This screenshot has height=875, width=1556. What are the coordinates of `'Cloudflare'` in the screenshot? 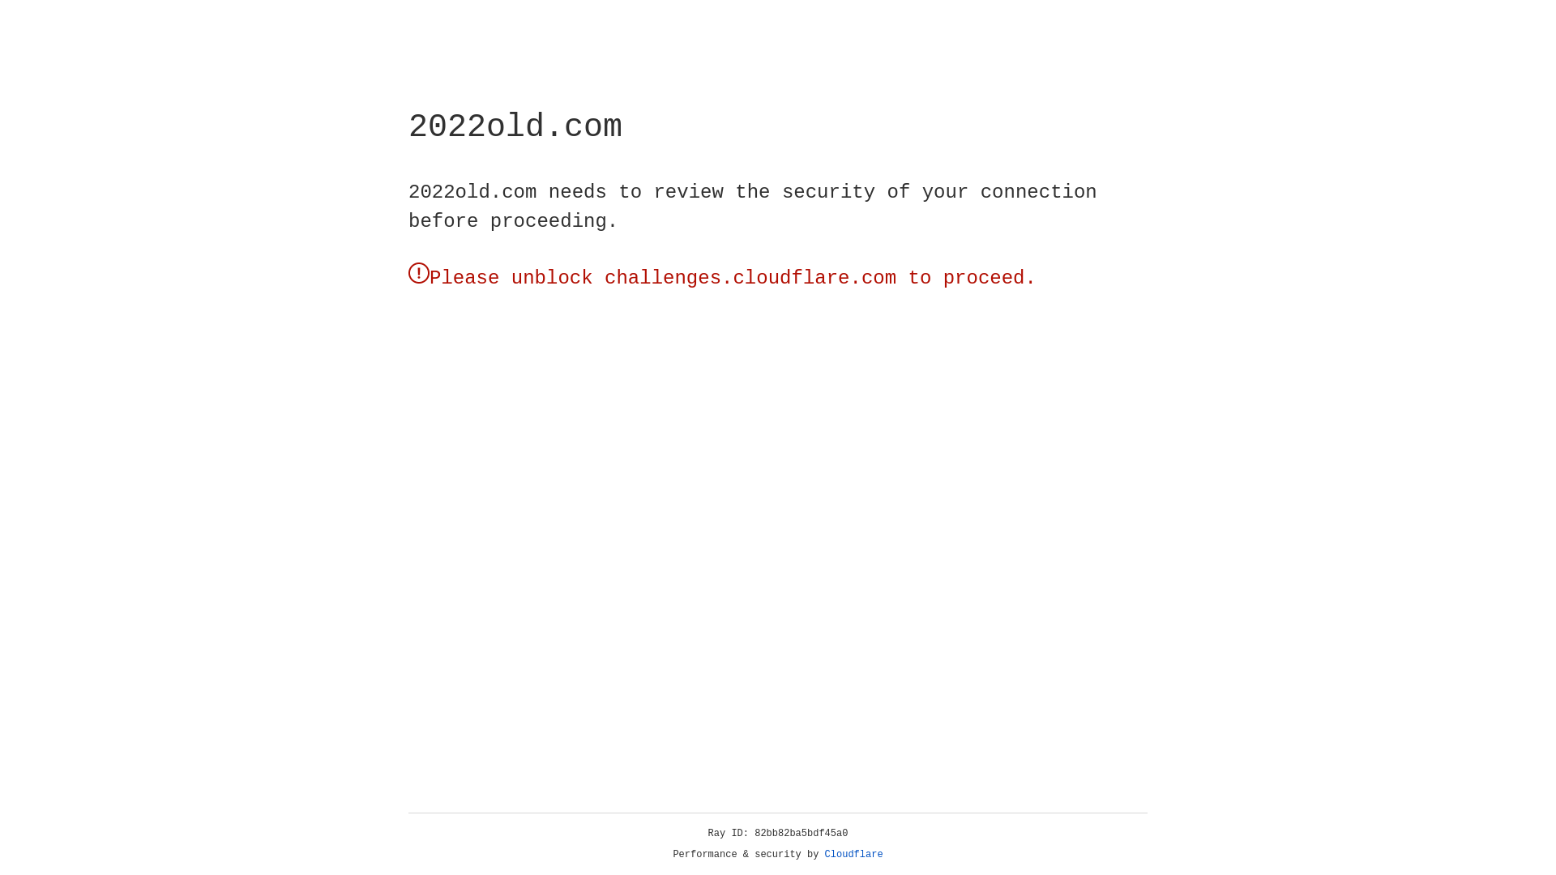 It's located at (853, 854).